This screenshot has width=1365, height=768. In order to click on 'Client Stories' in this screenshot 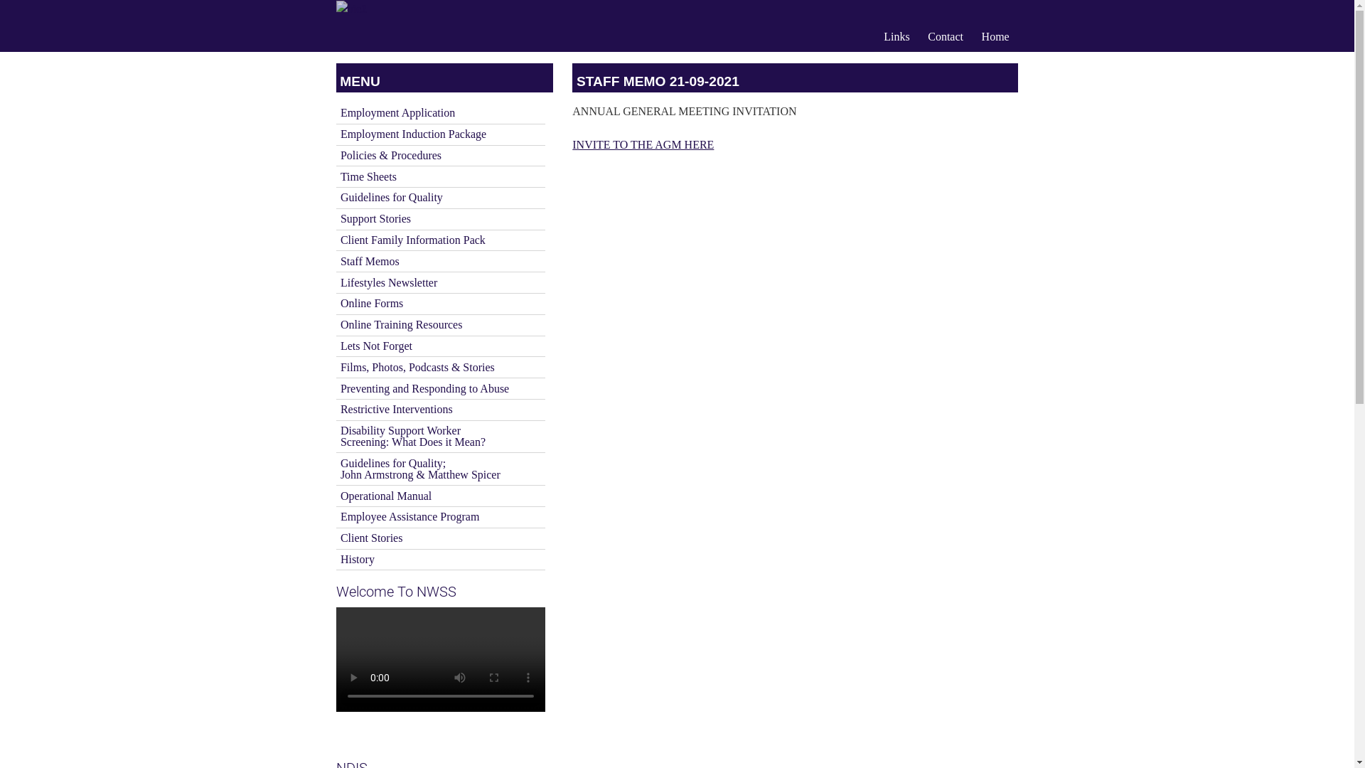, I will do `click(439, 538)`.